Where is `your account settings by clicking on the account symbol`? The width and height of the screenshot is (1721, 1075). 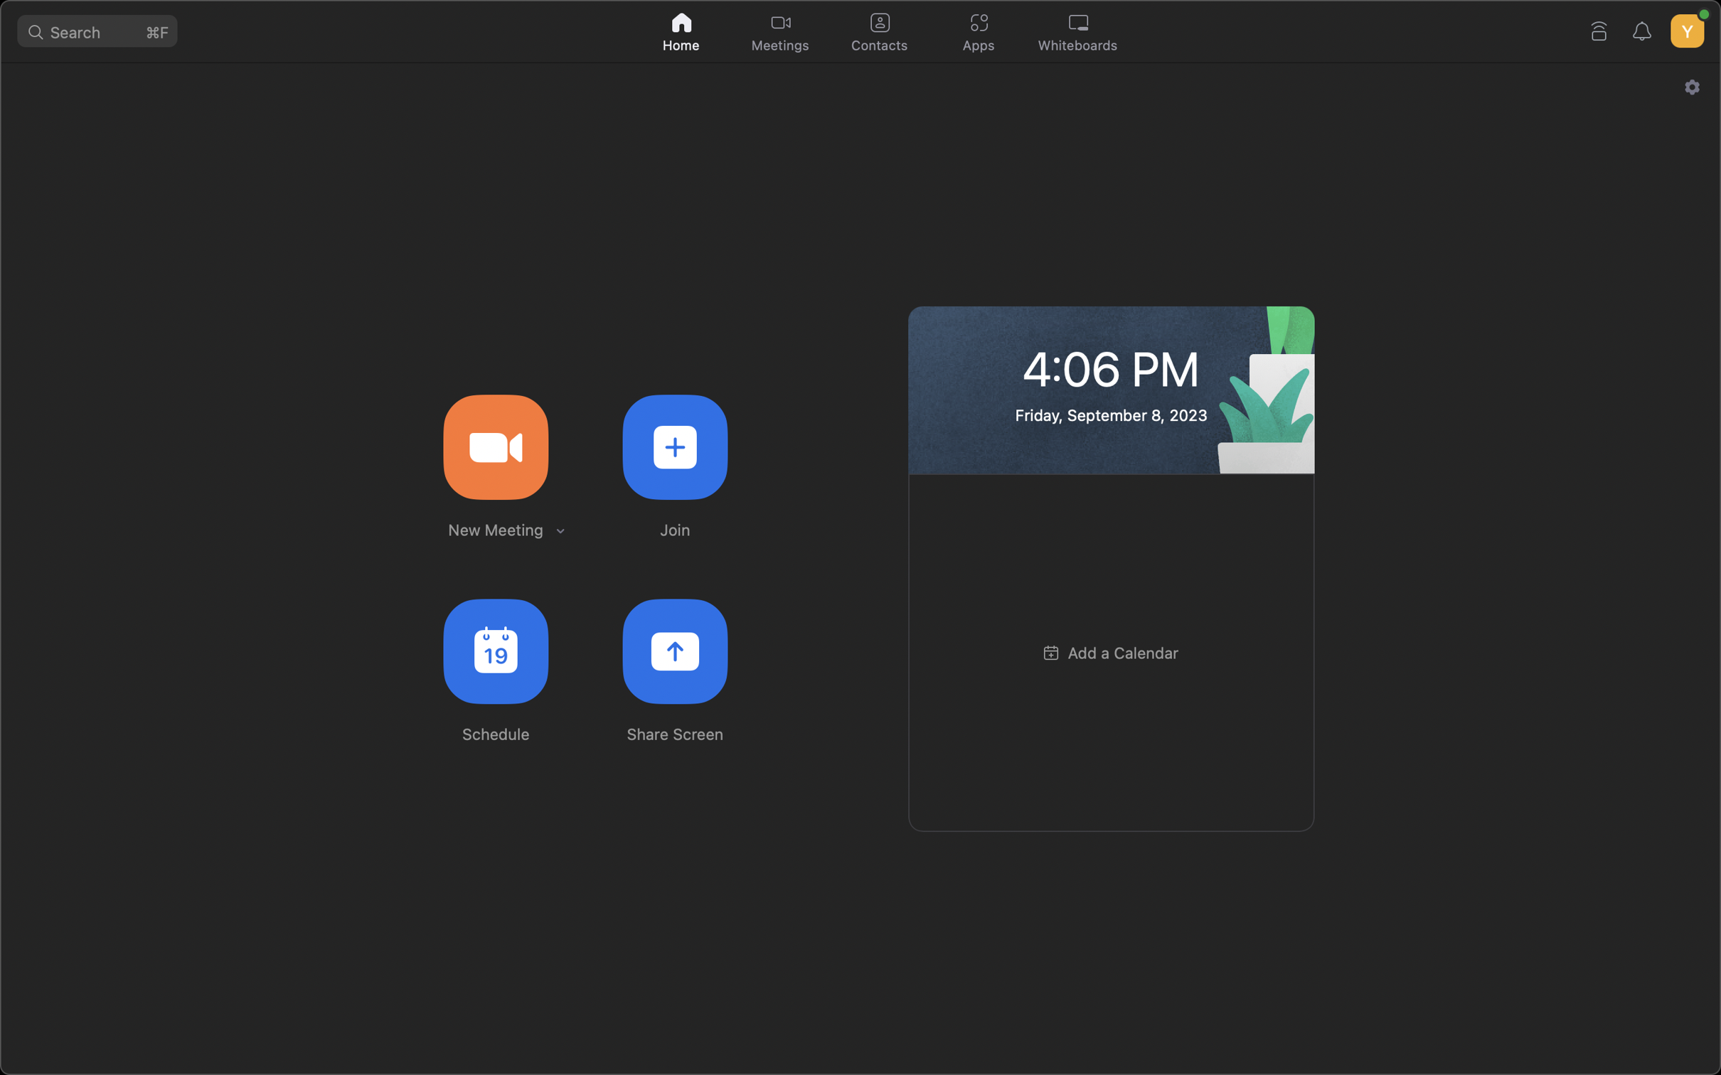 your account settings by clicking on the account symbol is located at coordinates (1685, 27).